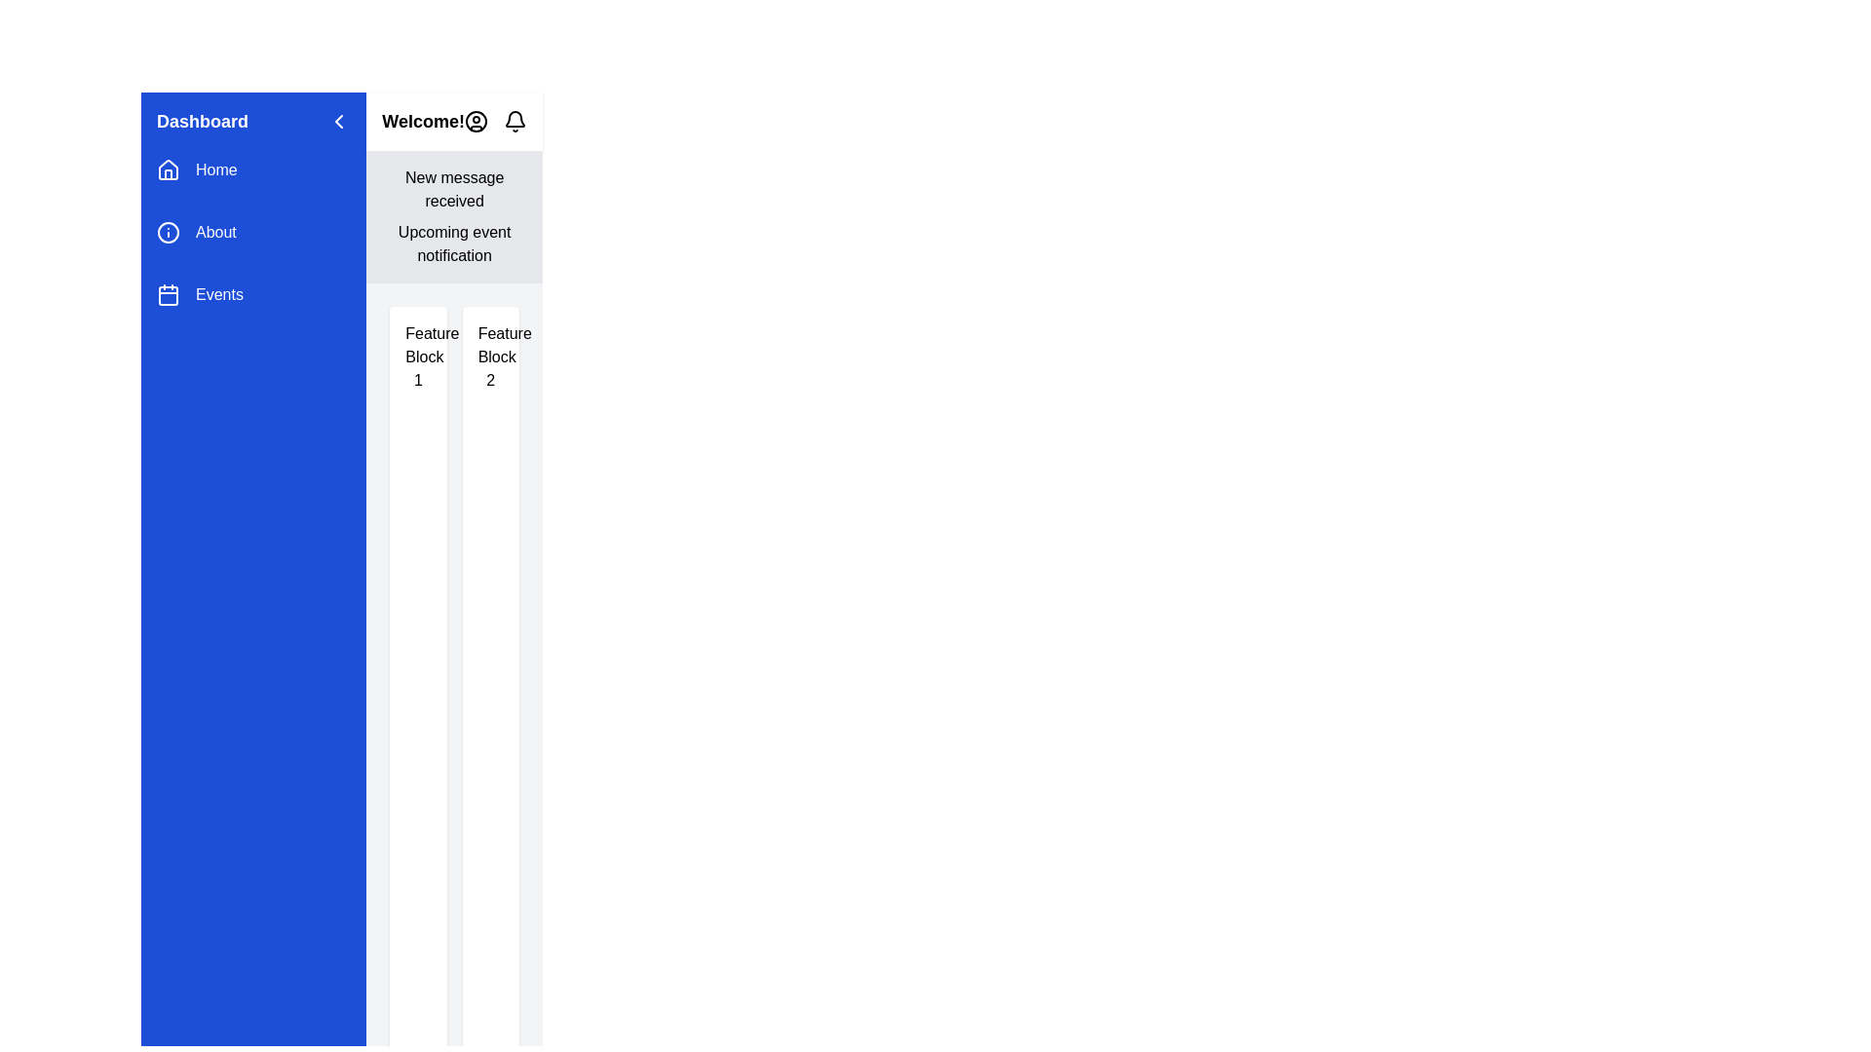  What do you see at coordinates (168, 296) in the screenshot?
I see `the SVG Rectangle that forms part of the calendar icon in the 'Events' section of the navigation bar` at bounding box center [168, 296].